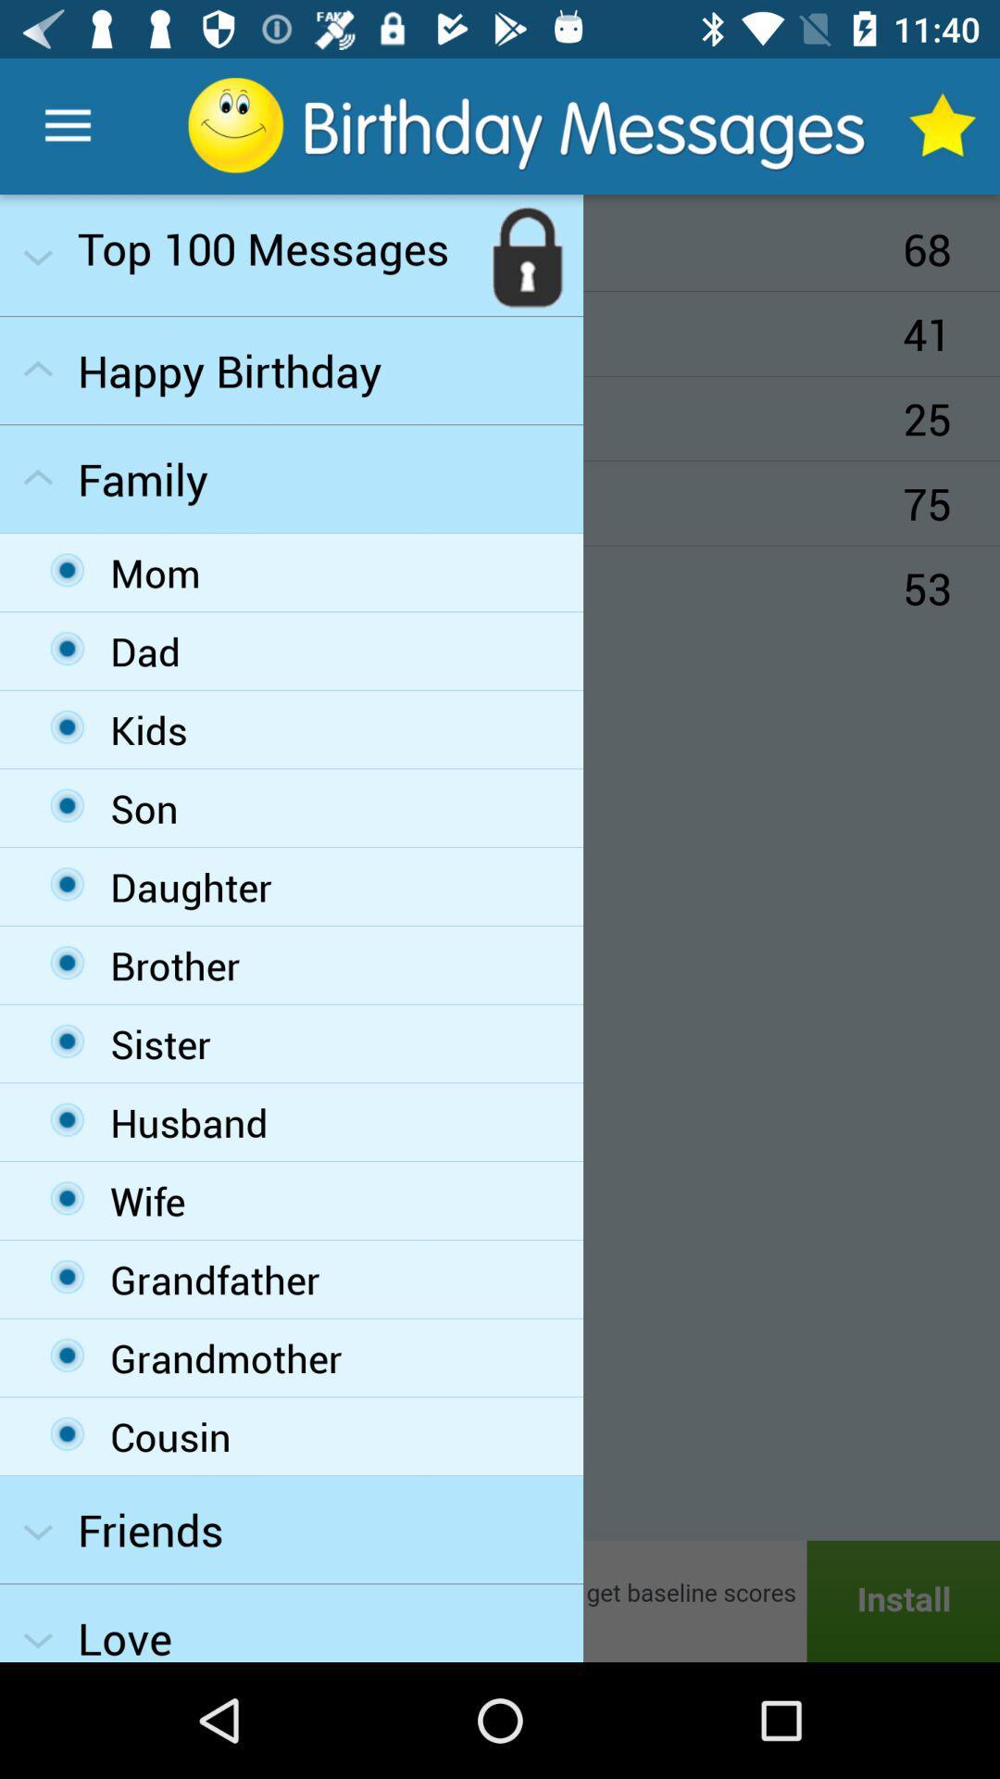  Describe the element at coordinates (500, 1600) in the screenshot. I see `install app` at that location.